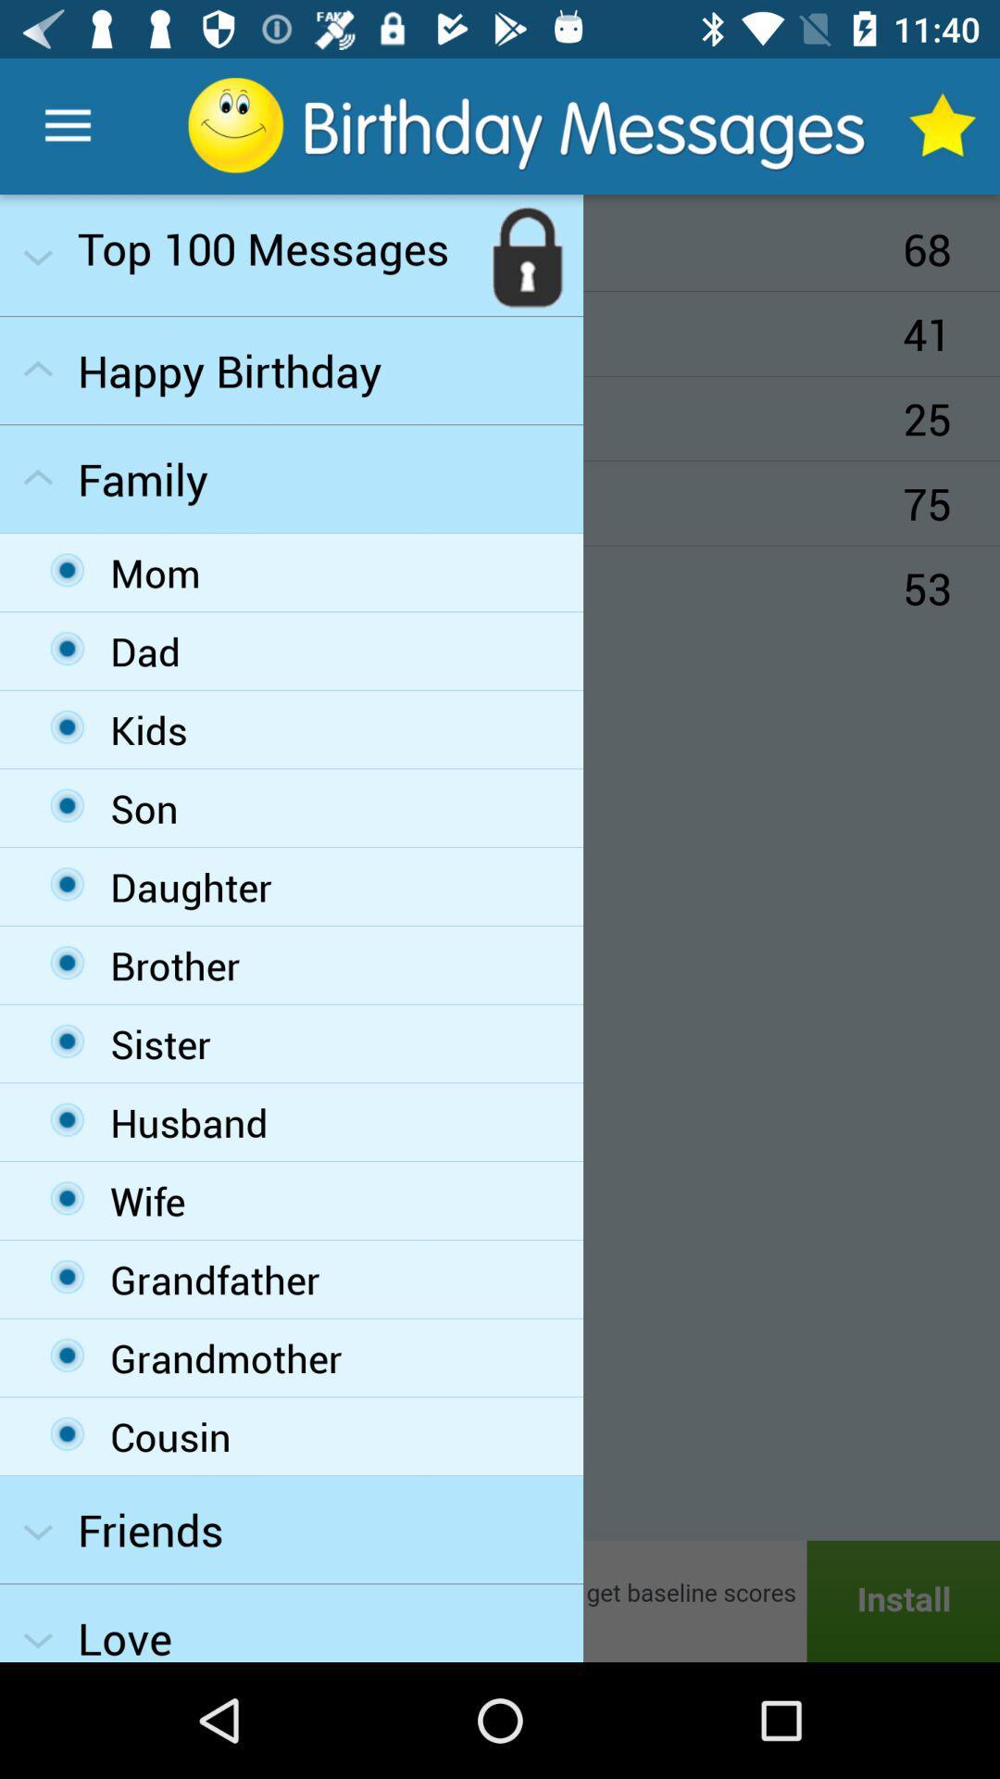  Describe the element at coordinates (500, 1600) in the screenshot. I see `install app` at that location.